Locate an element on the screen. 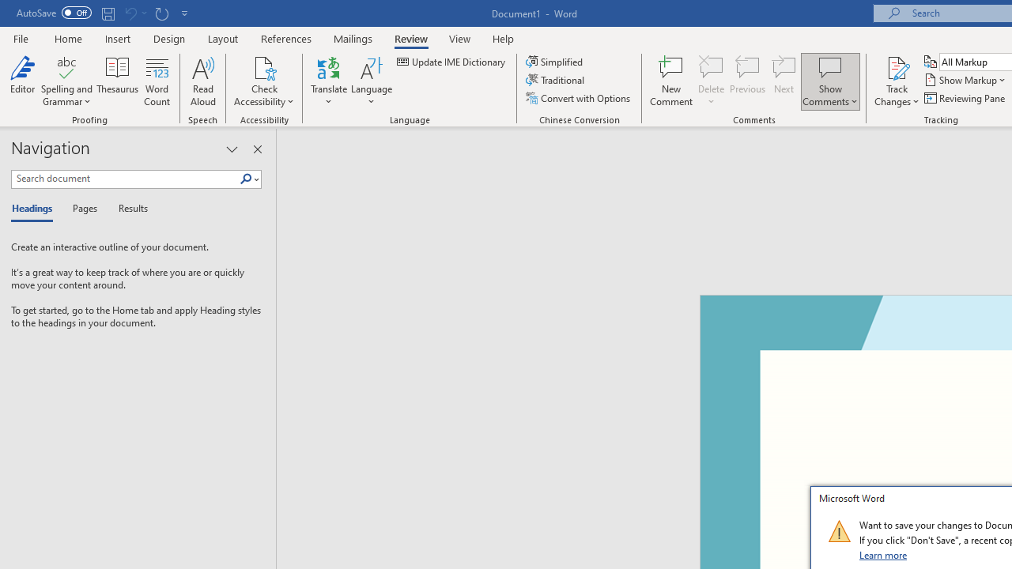  'Task Pane Options' is located at coordinates (231, 149).